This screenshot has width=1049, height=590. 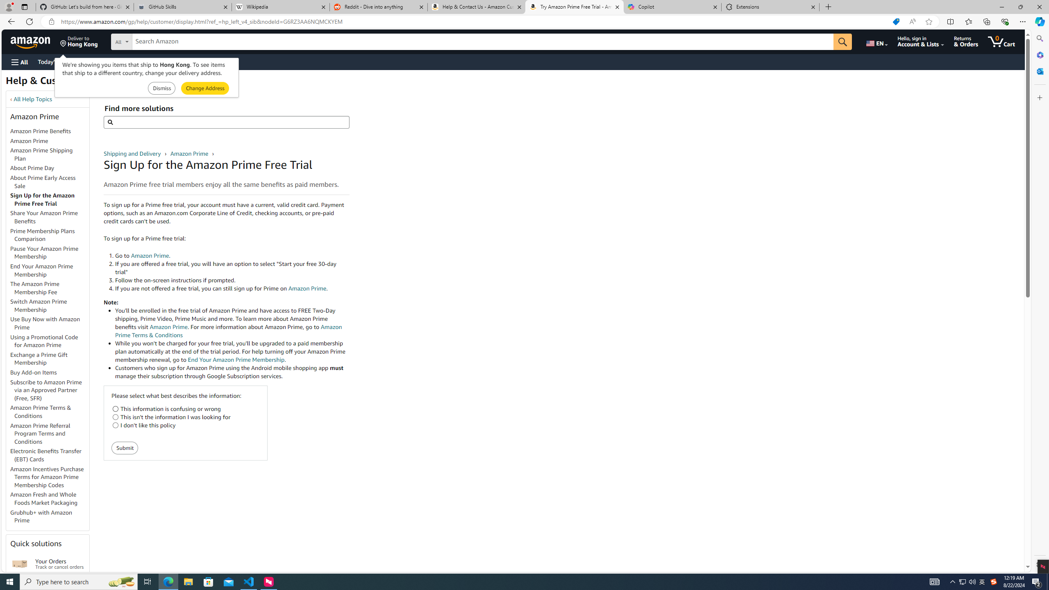 What do you see at coordinates (226, 122) in the screenshot?
I see `'Find more solutions'` at bounding box center [226, 122].